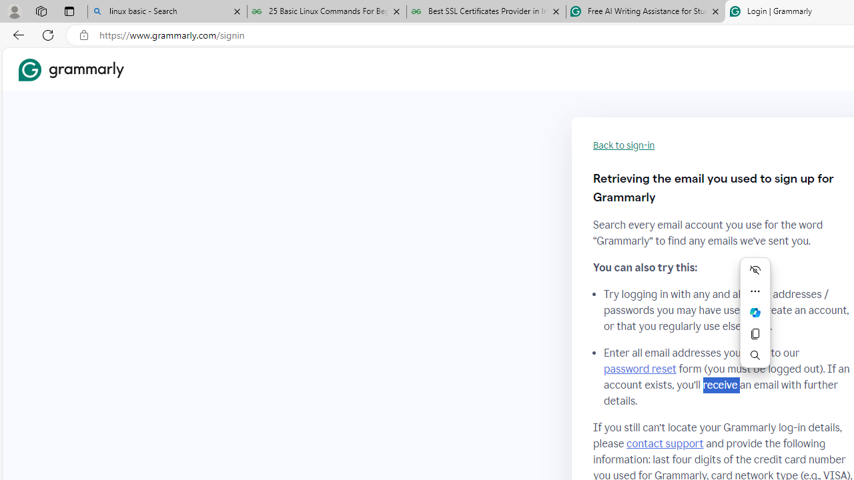  I want to click on 'linux basic - Search', so click(166, 11).